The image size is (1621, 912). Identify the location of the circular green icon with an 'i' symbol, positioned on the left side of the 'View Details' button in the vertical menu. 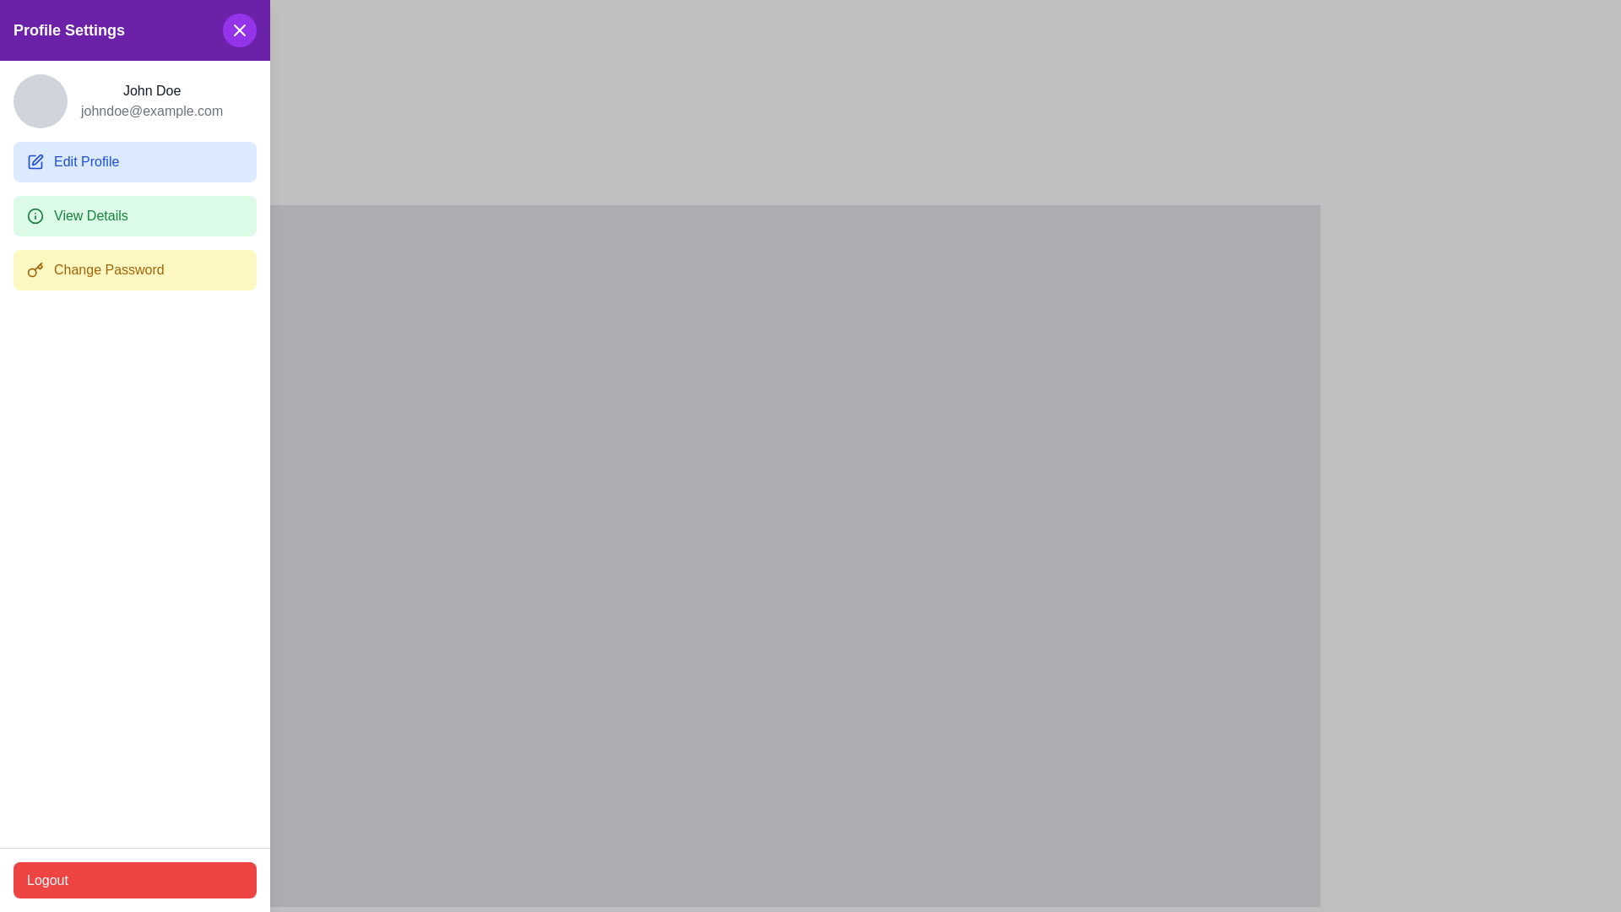
(35, 214).